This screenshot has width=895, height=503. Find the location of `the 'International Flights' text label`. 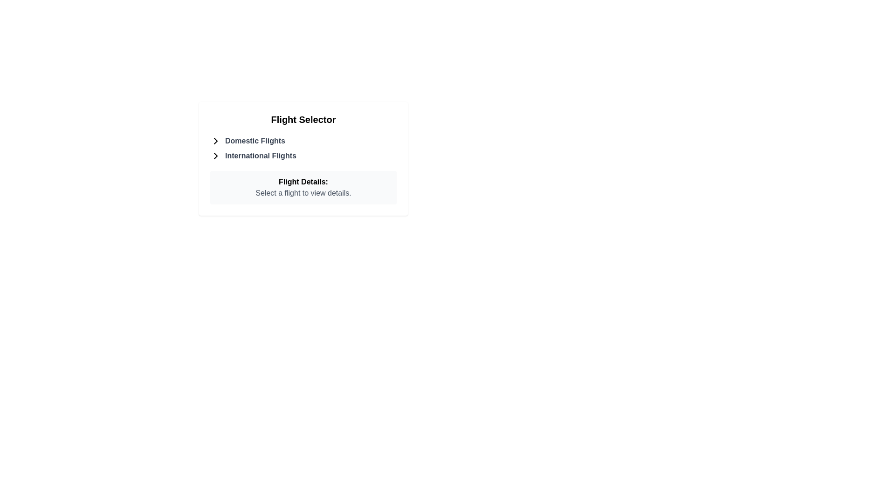

the 'International Flights' text label is located at coordinates (261, 156).